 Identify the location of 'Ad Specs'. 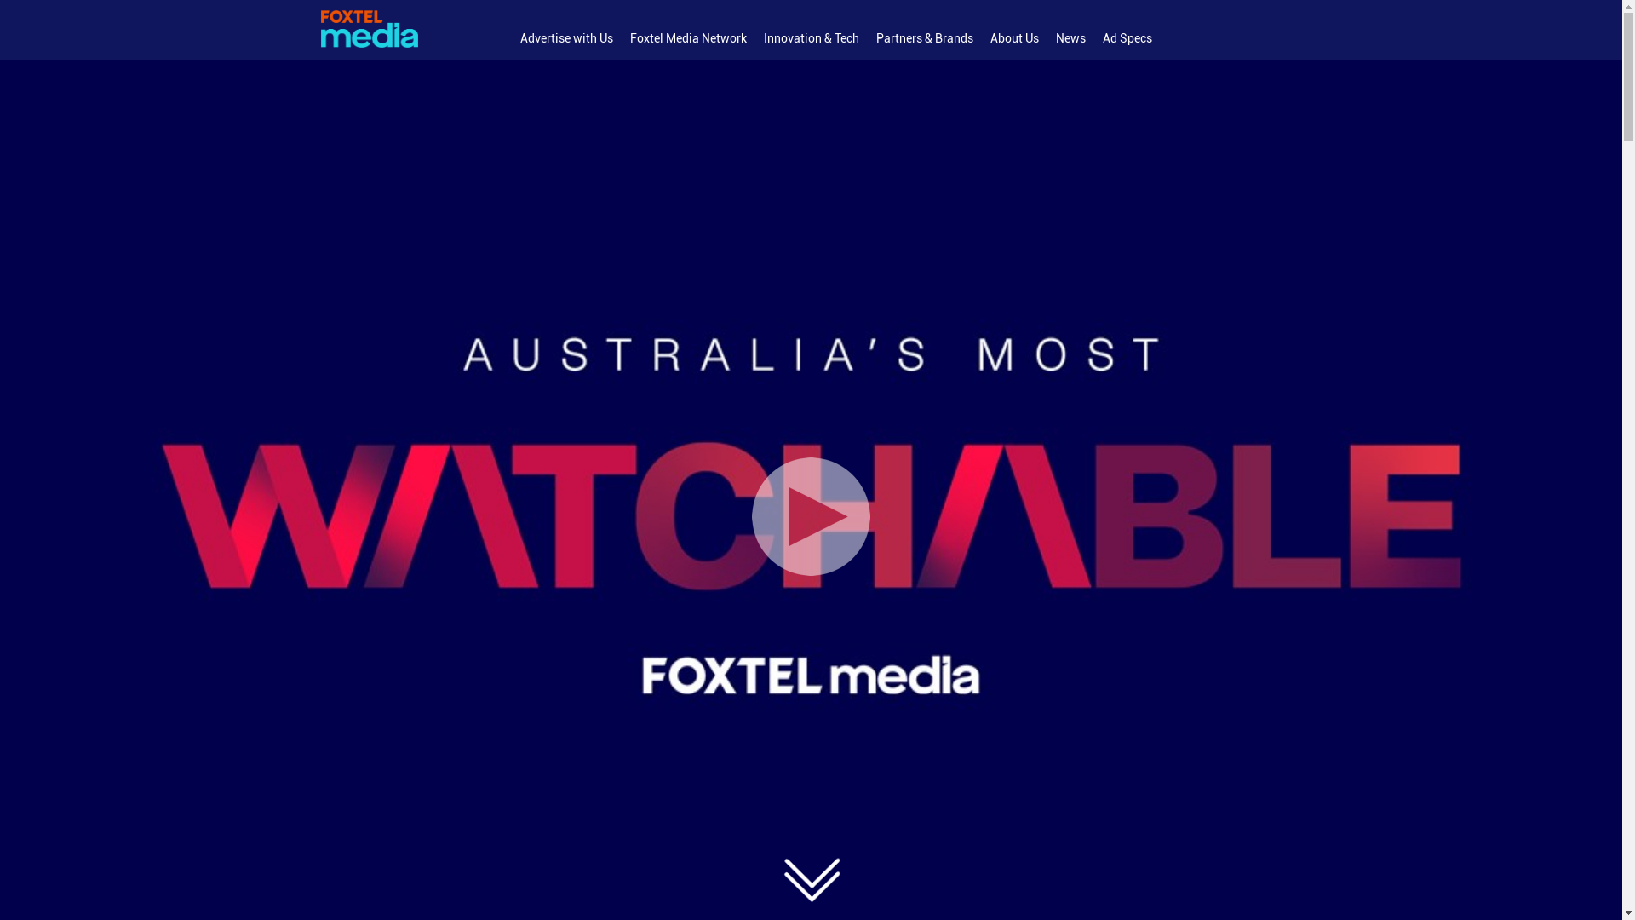
(1127, 38).